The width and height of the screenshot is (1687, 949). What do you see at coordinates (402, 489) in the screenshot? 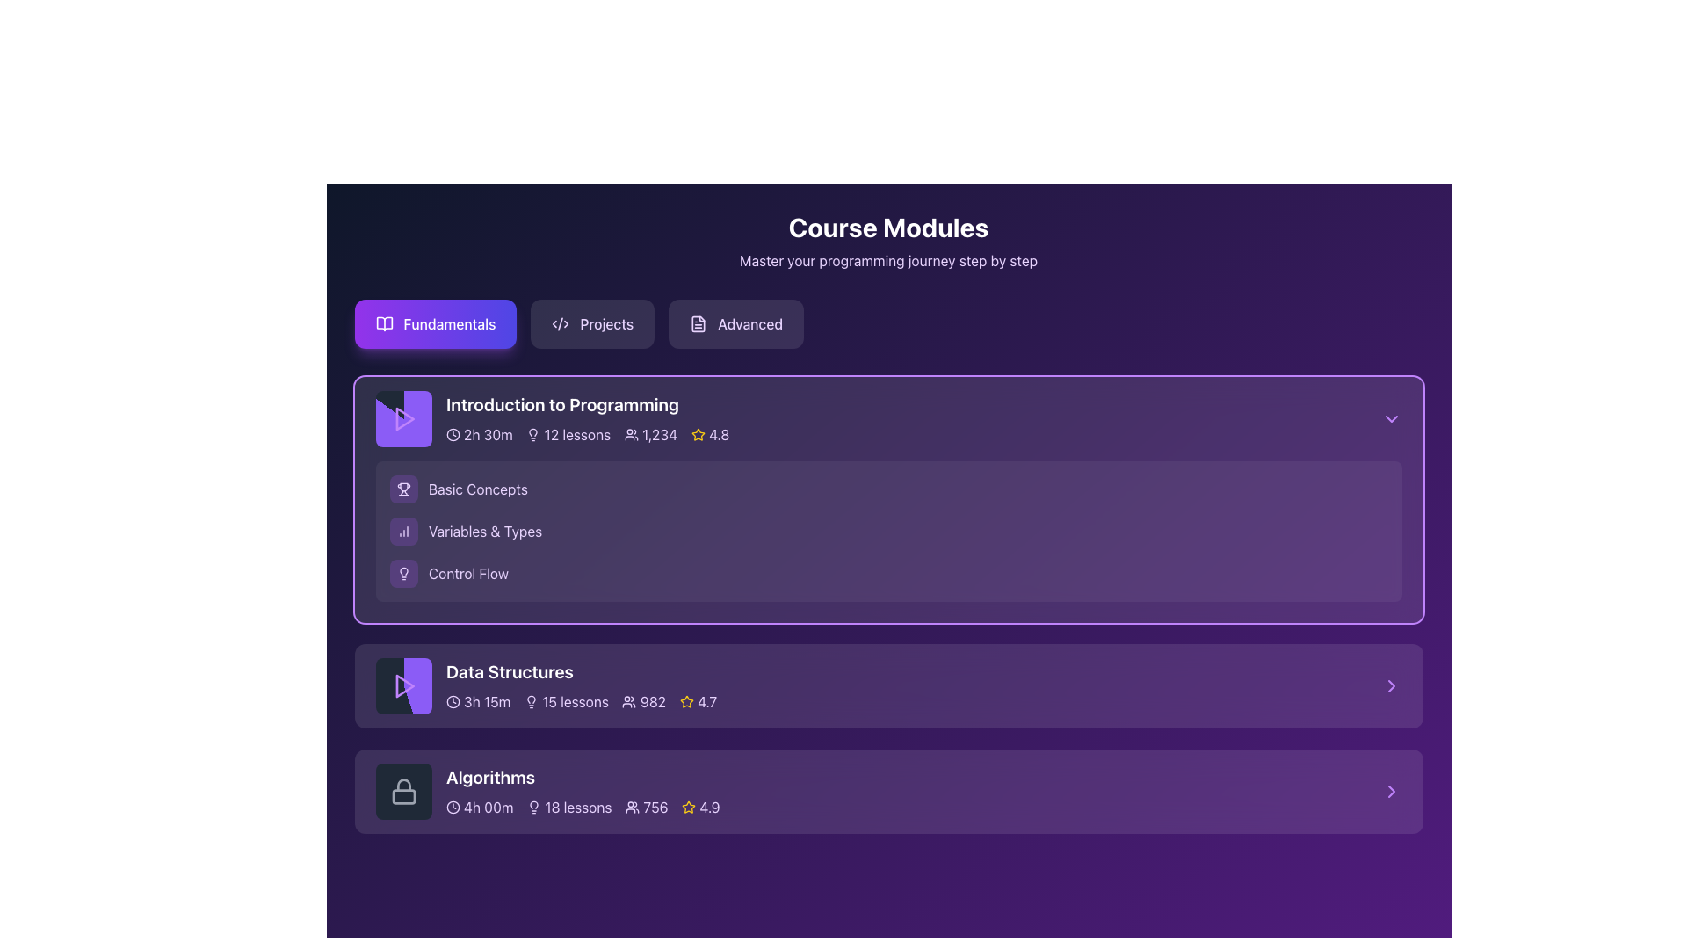
I see `the purple trophy icon button located in the 'Introduction to Programming' section, which is the first element to the left of the 'Basic Concepts' text` at bounding box center [402, 489].